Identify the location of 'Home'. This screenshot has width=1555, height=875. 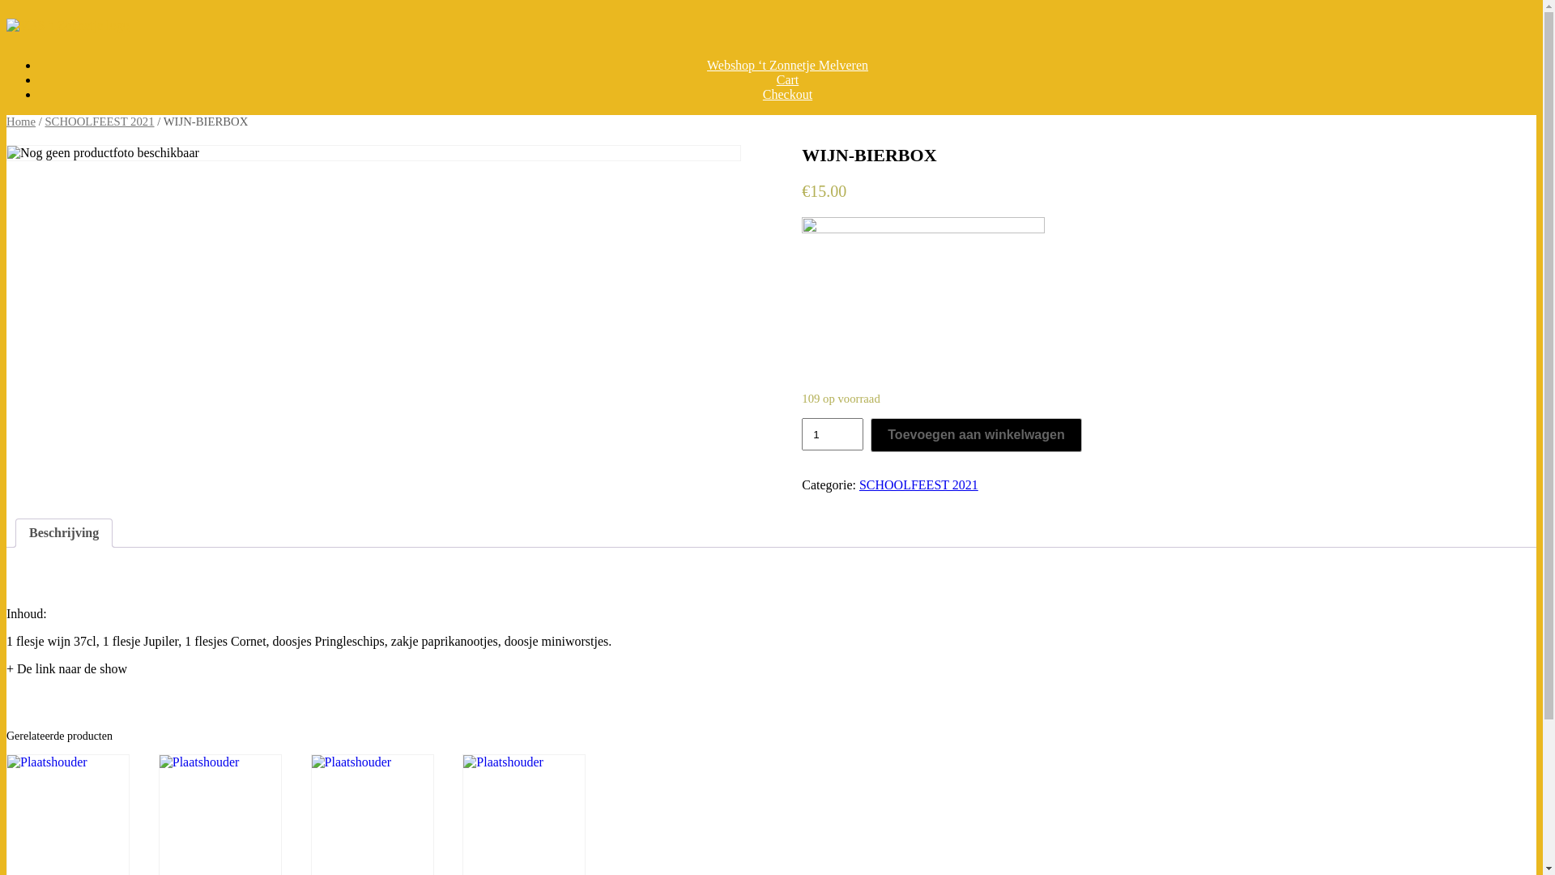
(20, 121).